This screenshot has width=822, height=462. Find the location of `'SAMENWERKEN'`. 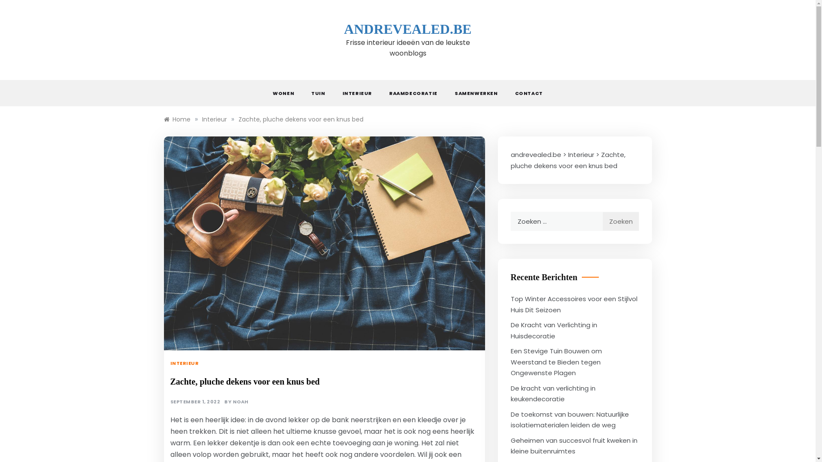

'SAMENWERKEN' is located at coordinates (476, 93).